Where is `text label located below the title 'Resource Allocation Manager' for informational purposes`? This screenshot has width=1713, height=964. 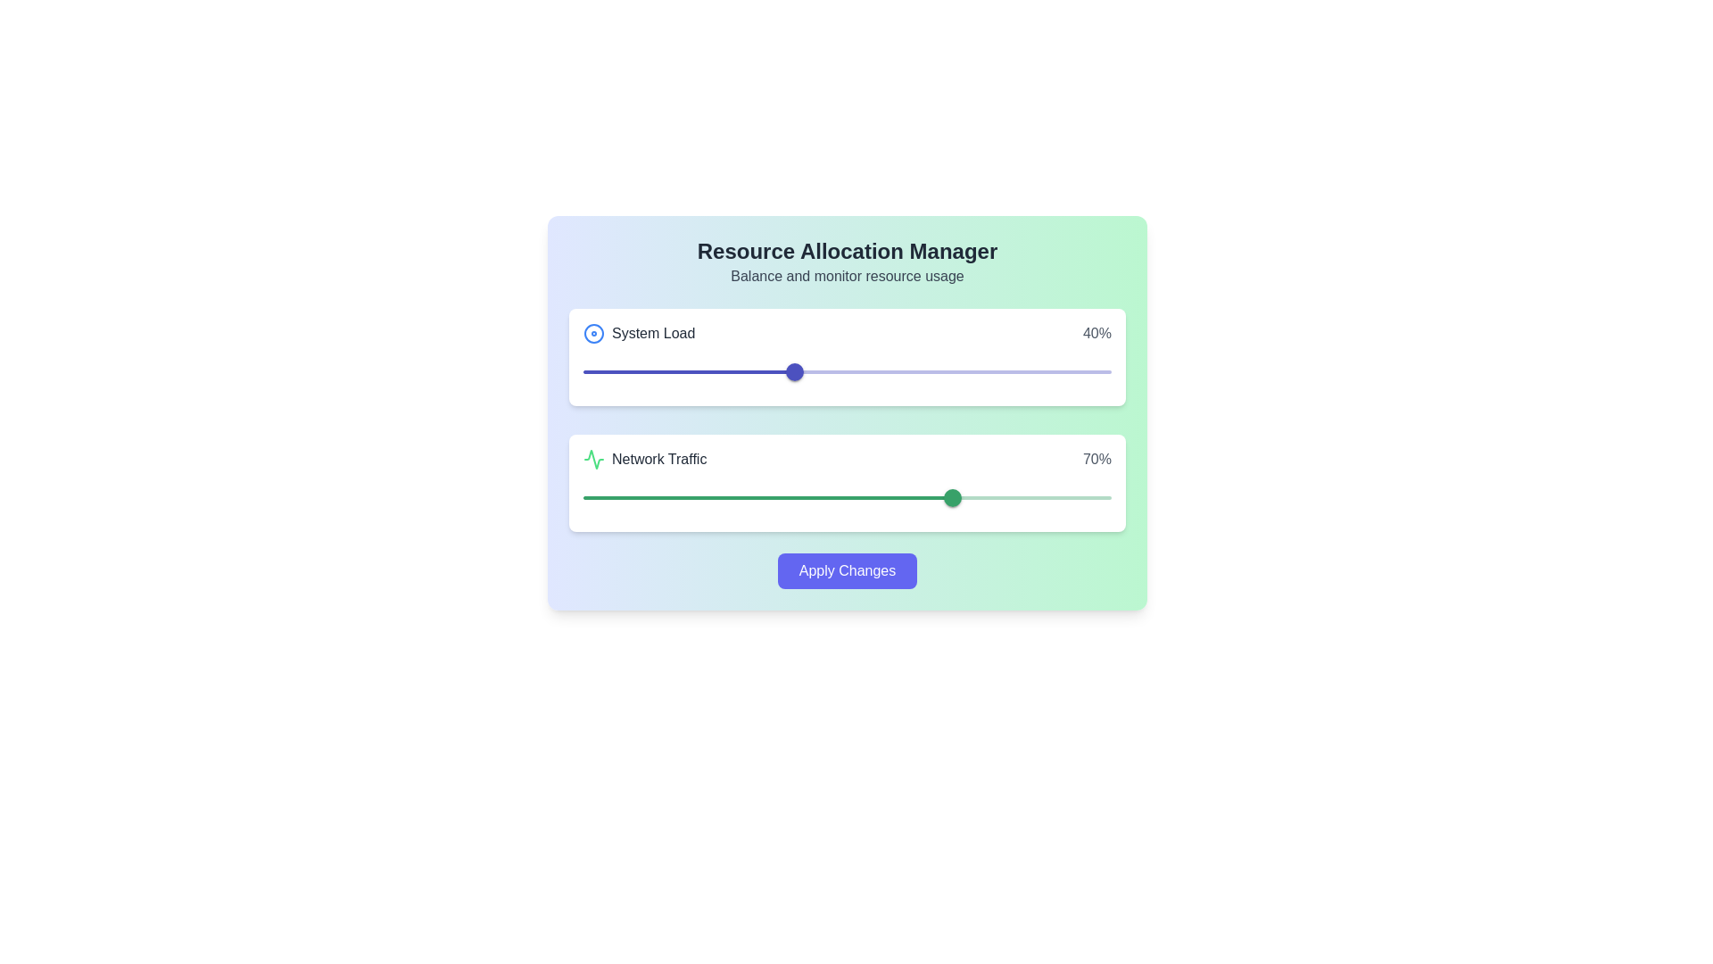 text label located below the title 'Resource Allocation Manager' for informational purposes is located at coordinates (847, 276).